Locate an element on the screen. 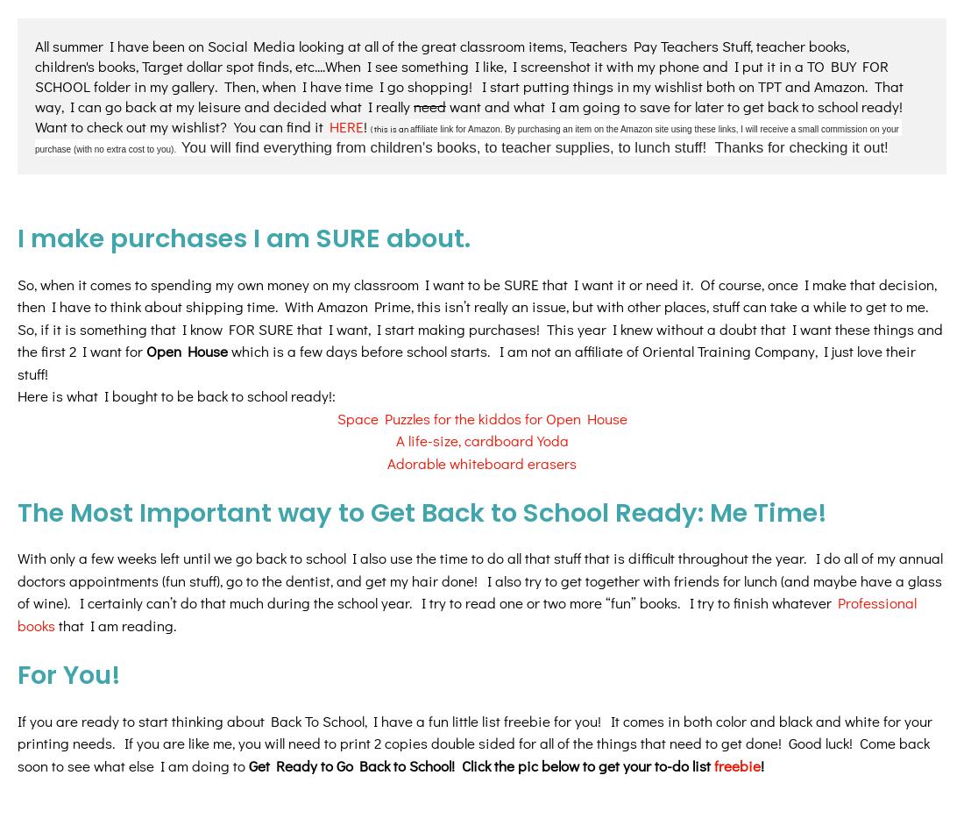 This screenshot has height=818, width=971. 'For You!' is located at coordinates (68, 524).